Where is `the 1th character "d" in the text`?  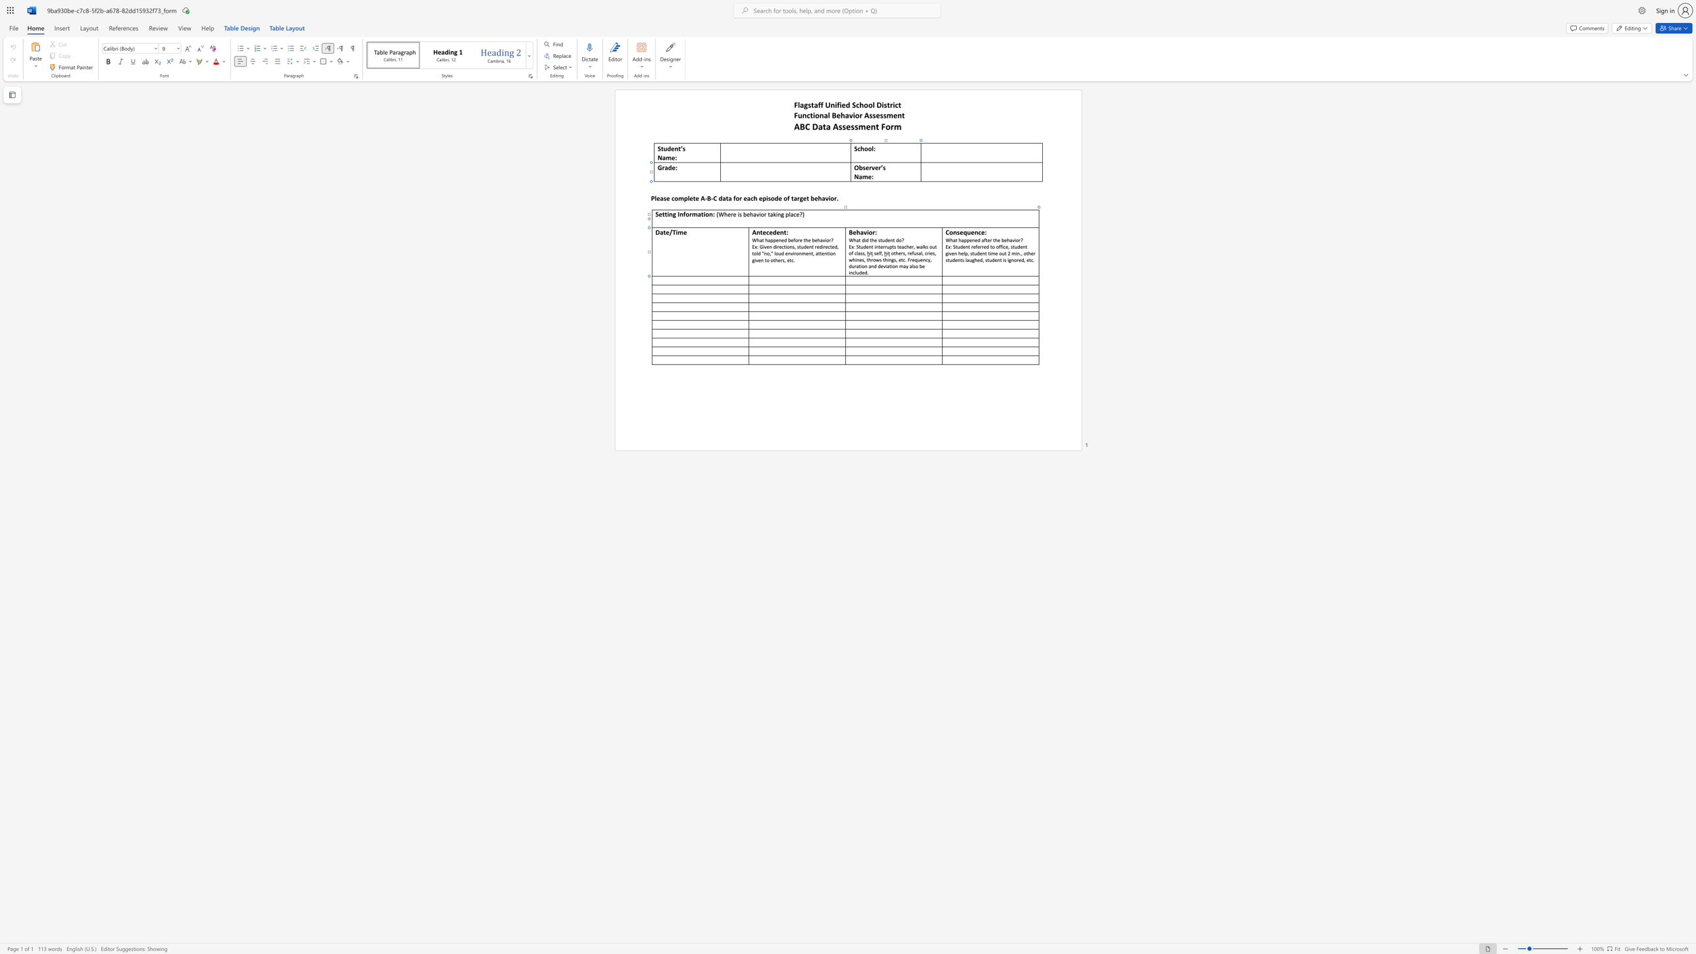
the 1th character "d" in the text is located at coordinates (863, 240).